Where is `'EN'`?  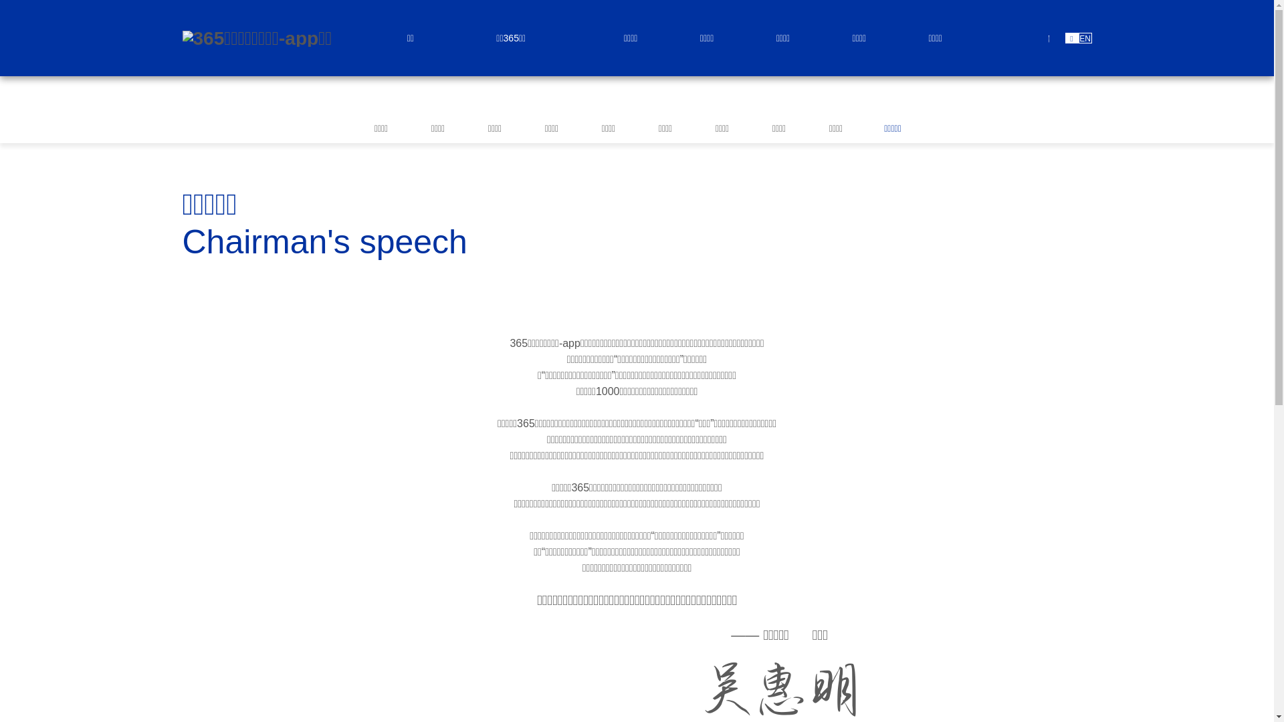 'EN' is located at coordinates (1085, 37).